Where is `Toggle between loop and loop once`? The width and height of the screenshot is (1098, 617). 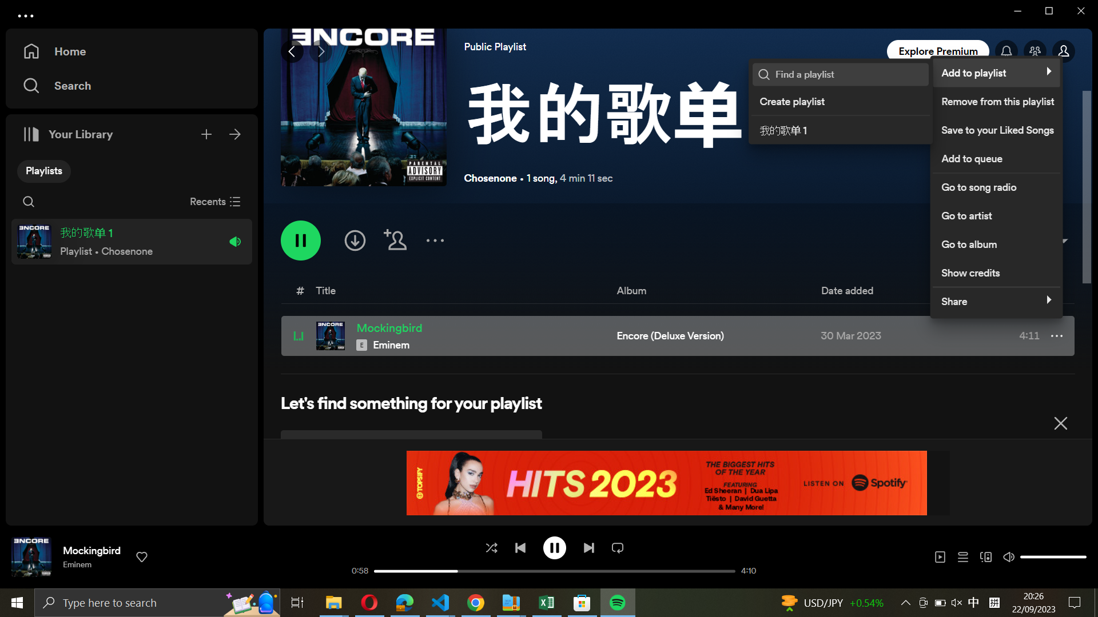 Toggle between loop and loop once is located at coordinates (617, 546).